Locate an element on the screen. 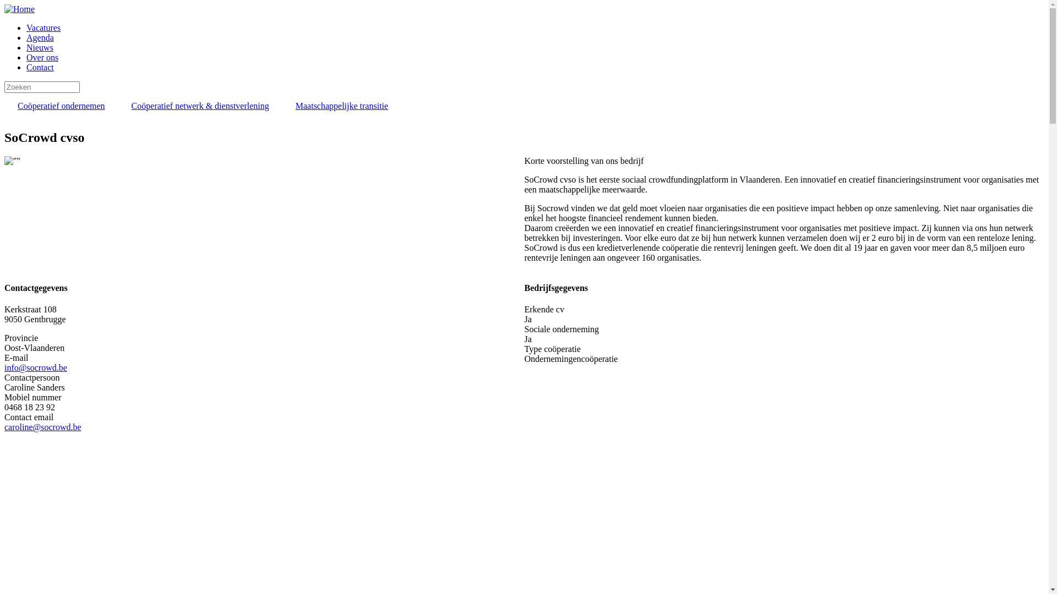 Image resolution: width=1057 pixels, height=594 pixels. 'Geef de woorden op waarnaar u wilt zoeken.' is located at coordinates (42, 86).